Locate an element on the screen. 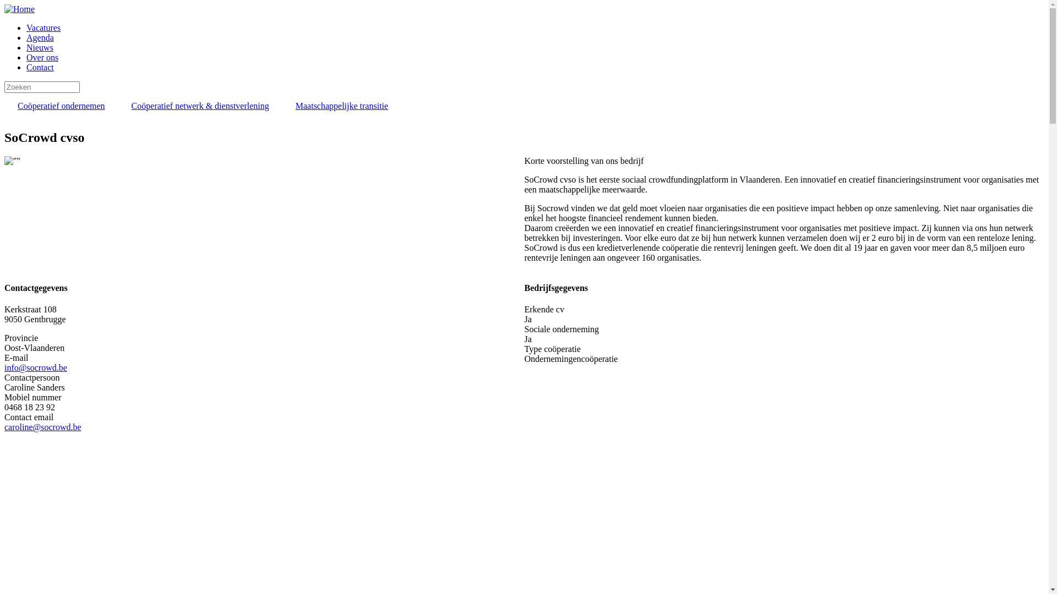 Image resolution: width=1057 pixels, height=594 pixels. 'Geef de woorden op waarnaar u wilt zoeken.' is located at coordinates (42, 86).